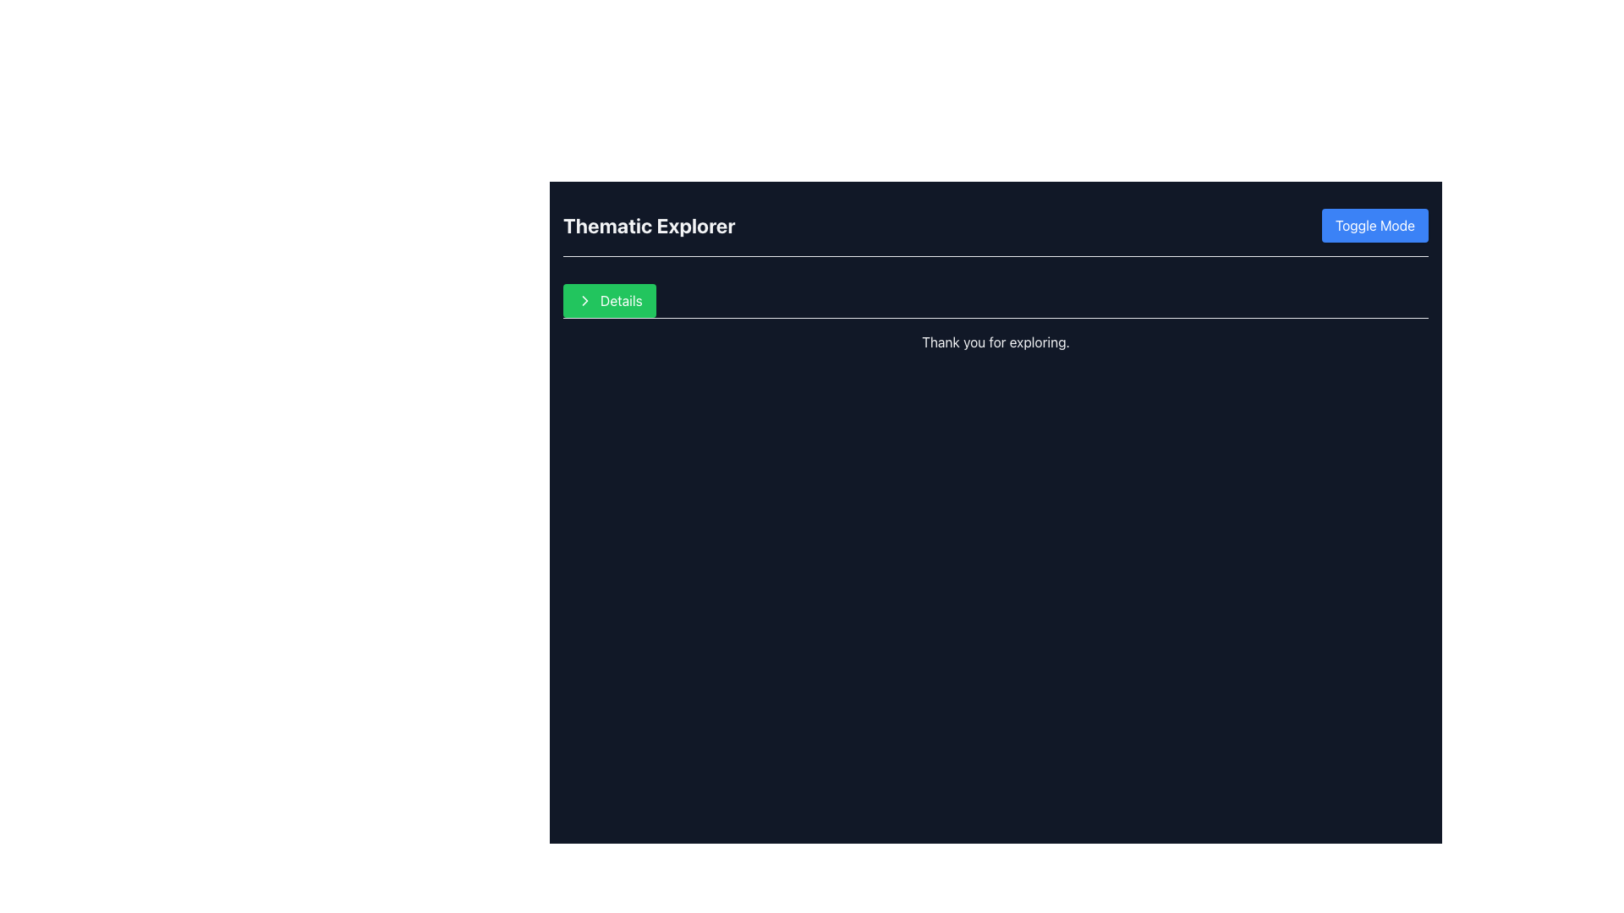  What do you see at coordinates (609, 299) in the screenshot?
I see `the prominent green button labeled 'Details' with a white chevron icon, located in the header area below 'Thematic Explorer'` at bounding box center [609, 299].